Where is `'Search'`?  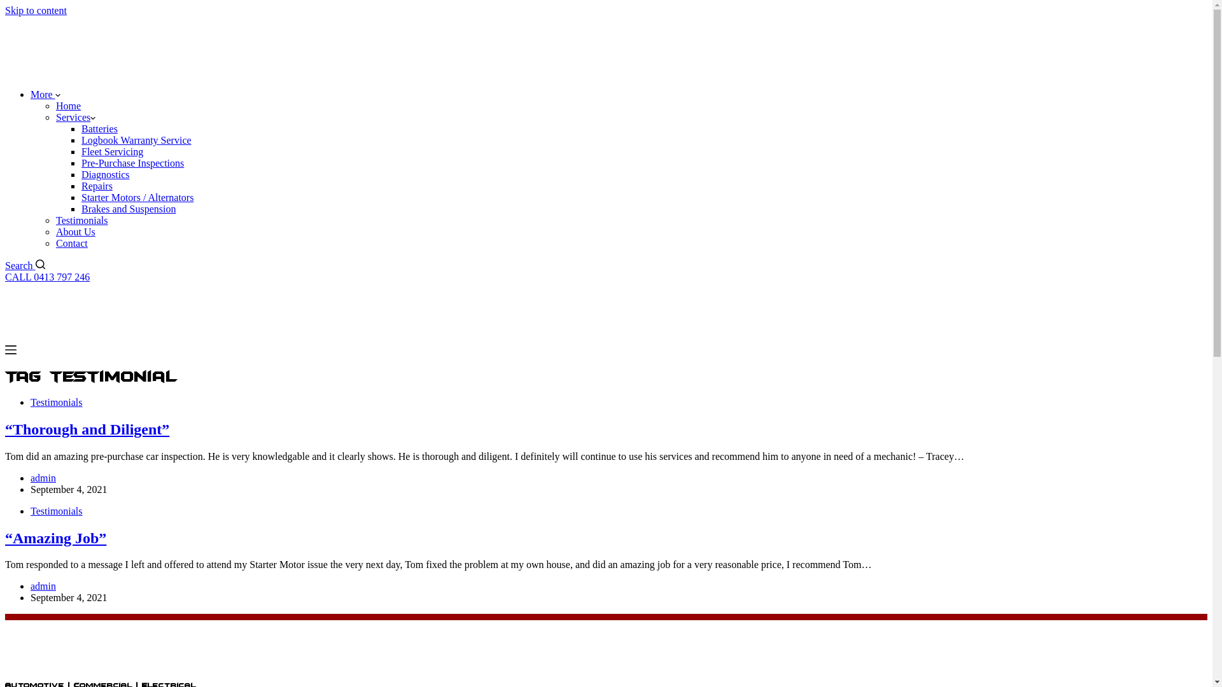
'Search' is located at coordinates (25, 265).